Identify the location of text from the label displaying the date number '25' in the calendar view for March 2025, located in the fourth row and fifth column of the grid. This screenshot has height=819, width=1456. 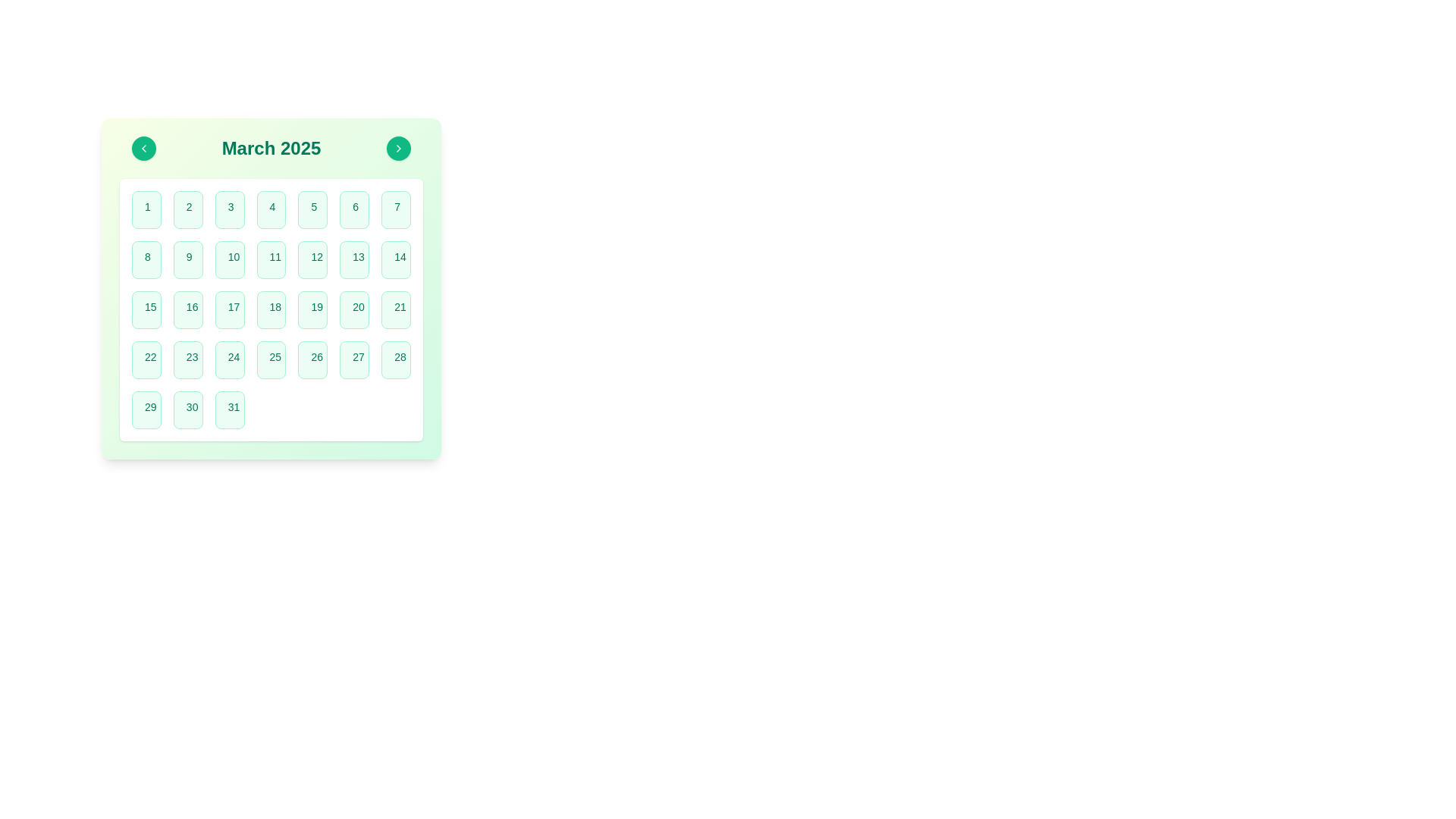
(275, 356).